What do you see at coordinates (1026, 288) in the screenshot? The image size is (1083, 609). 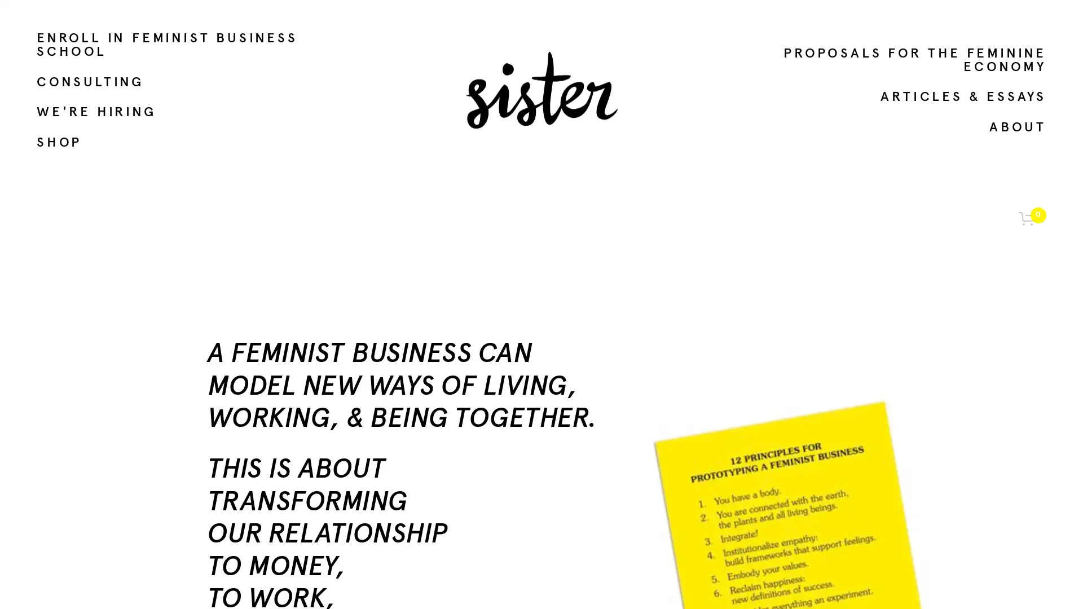 I see `Close` at bounding box center [1026, 288].